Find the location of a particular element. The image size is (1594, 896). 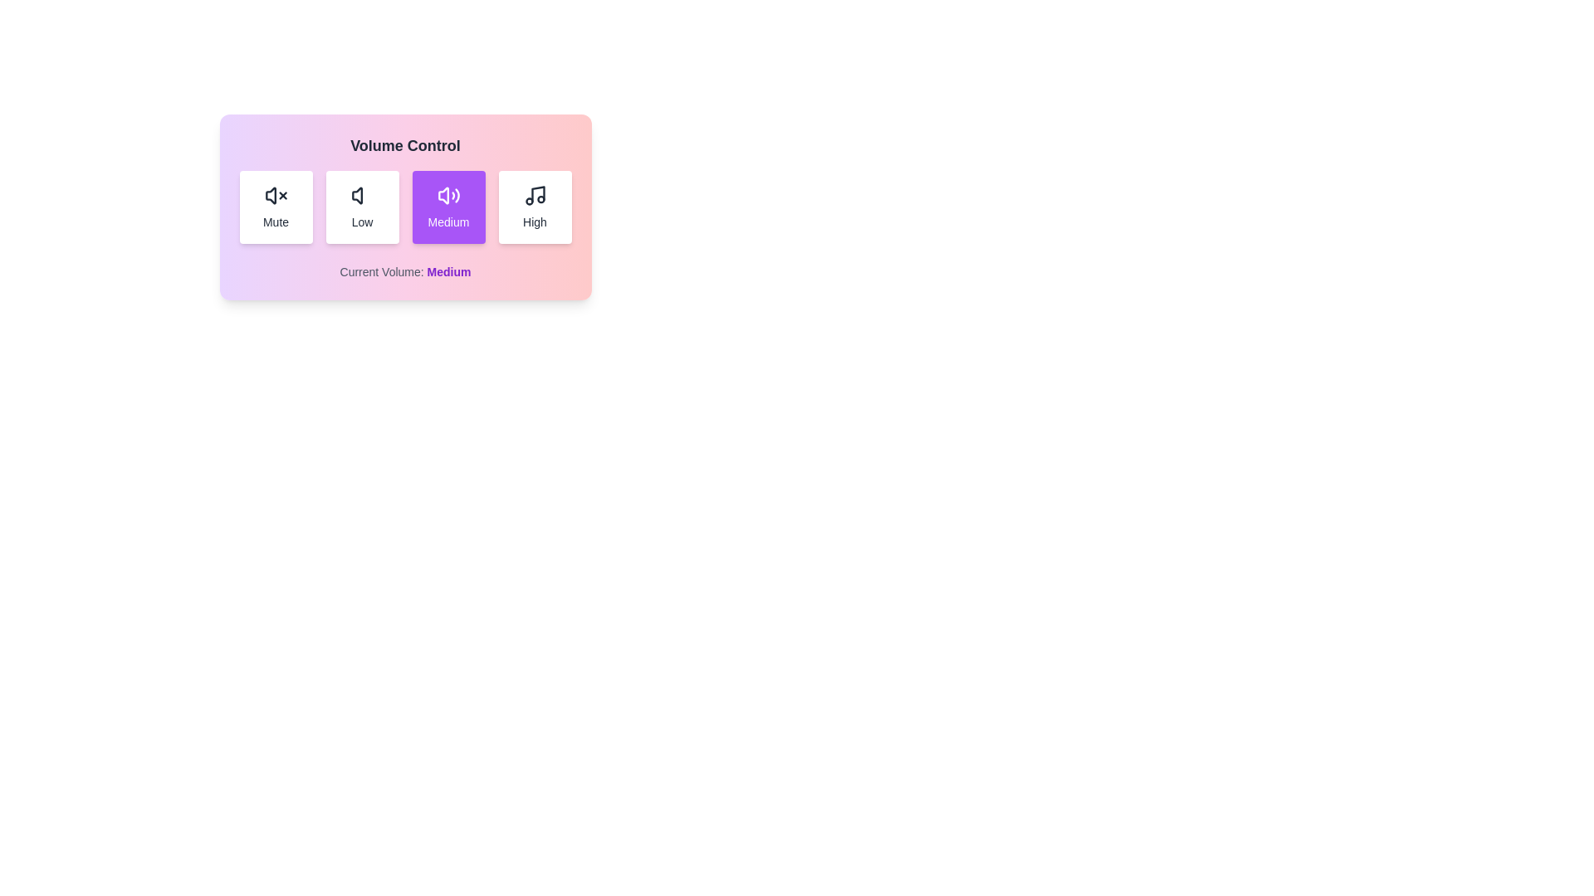

the volume button corresponding to Low is located at coordinates (361, 207).